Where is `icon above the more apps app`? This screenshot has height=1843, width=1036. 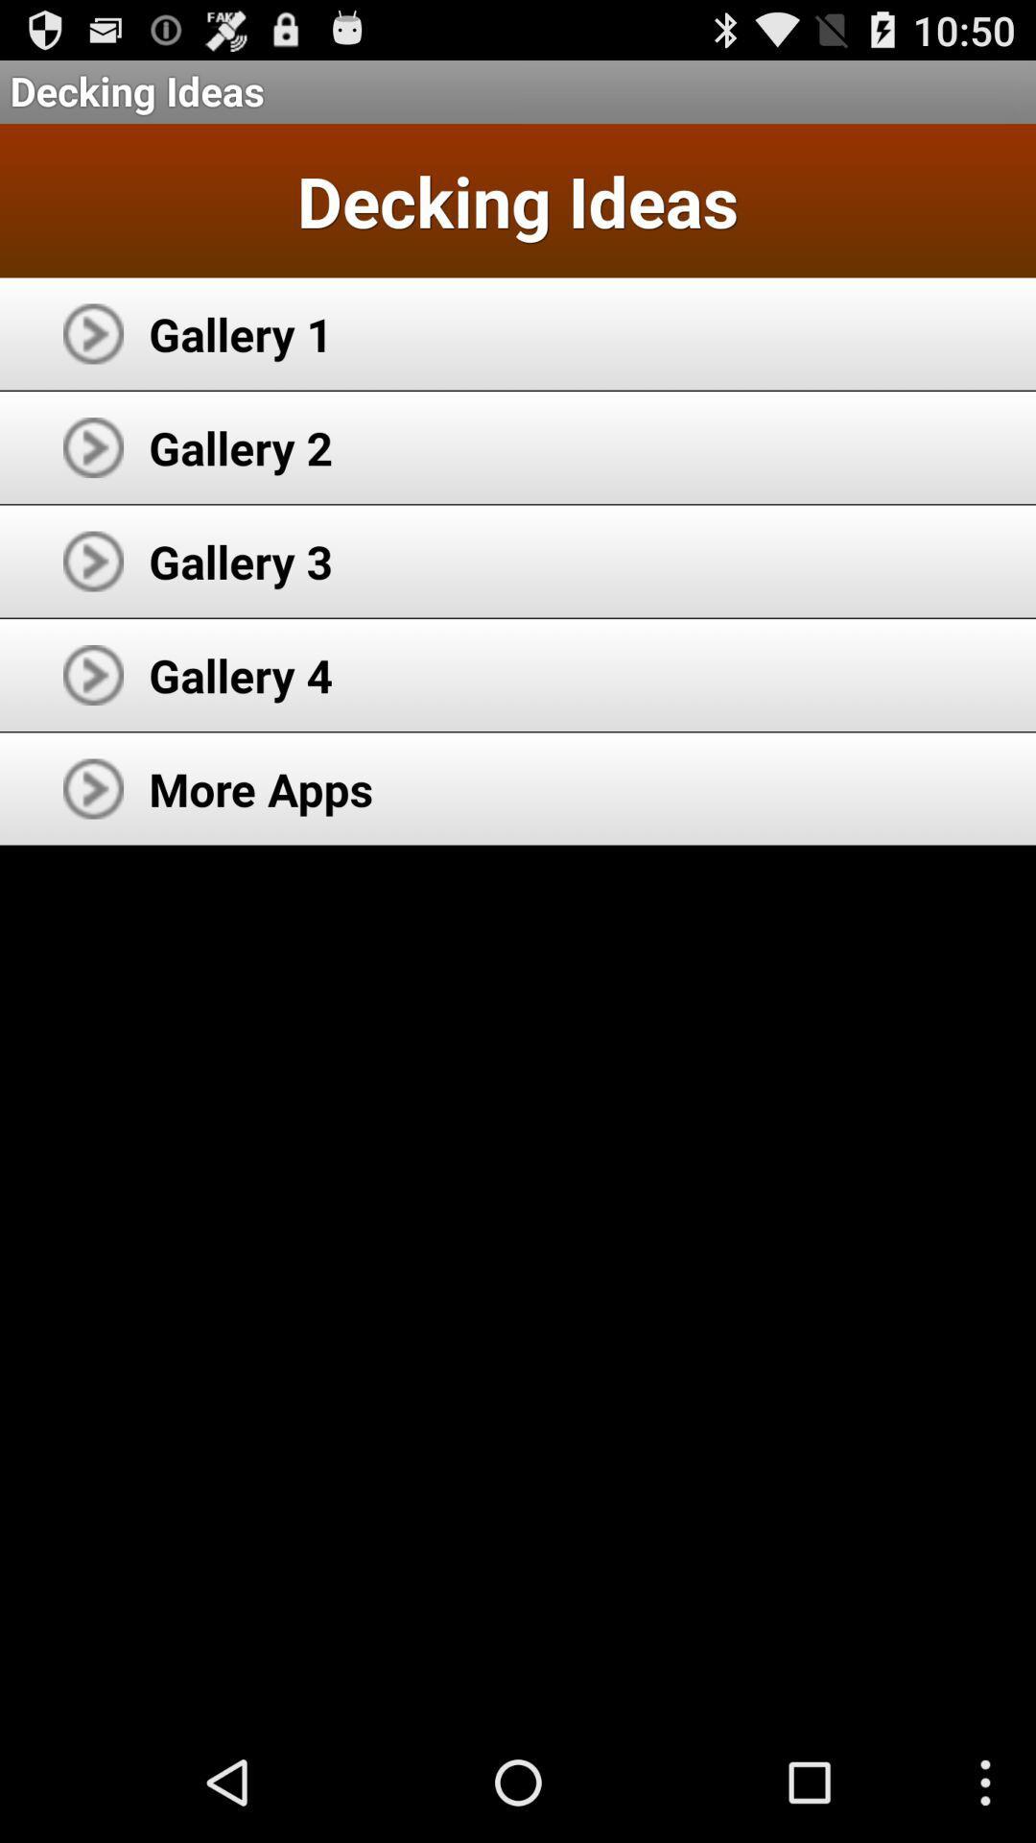
icon above the more apps app is located at coordinates (240, 675).